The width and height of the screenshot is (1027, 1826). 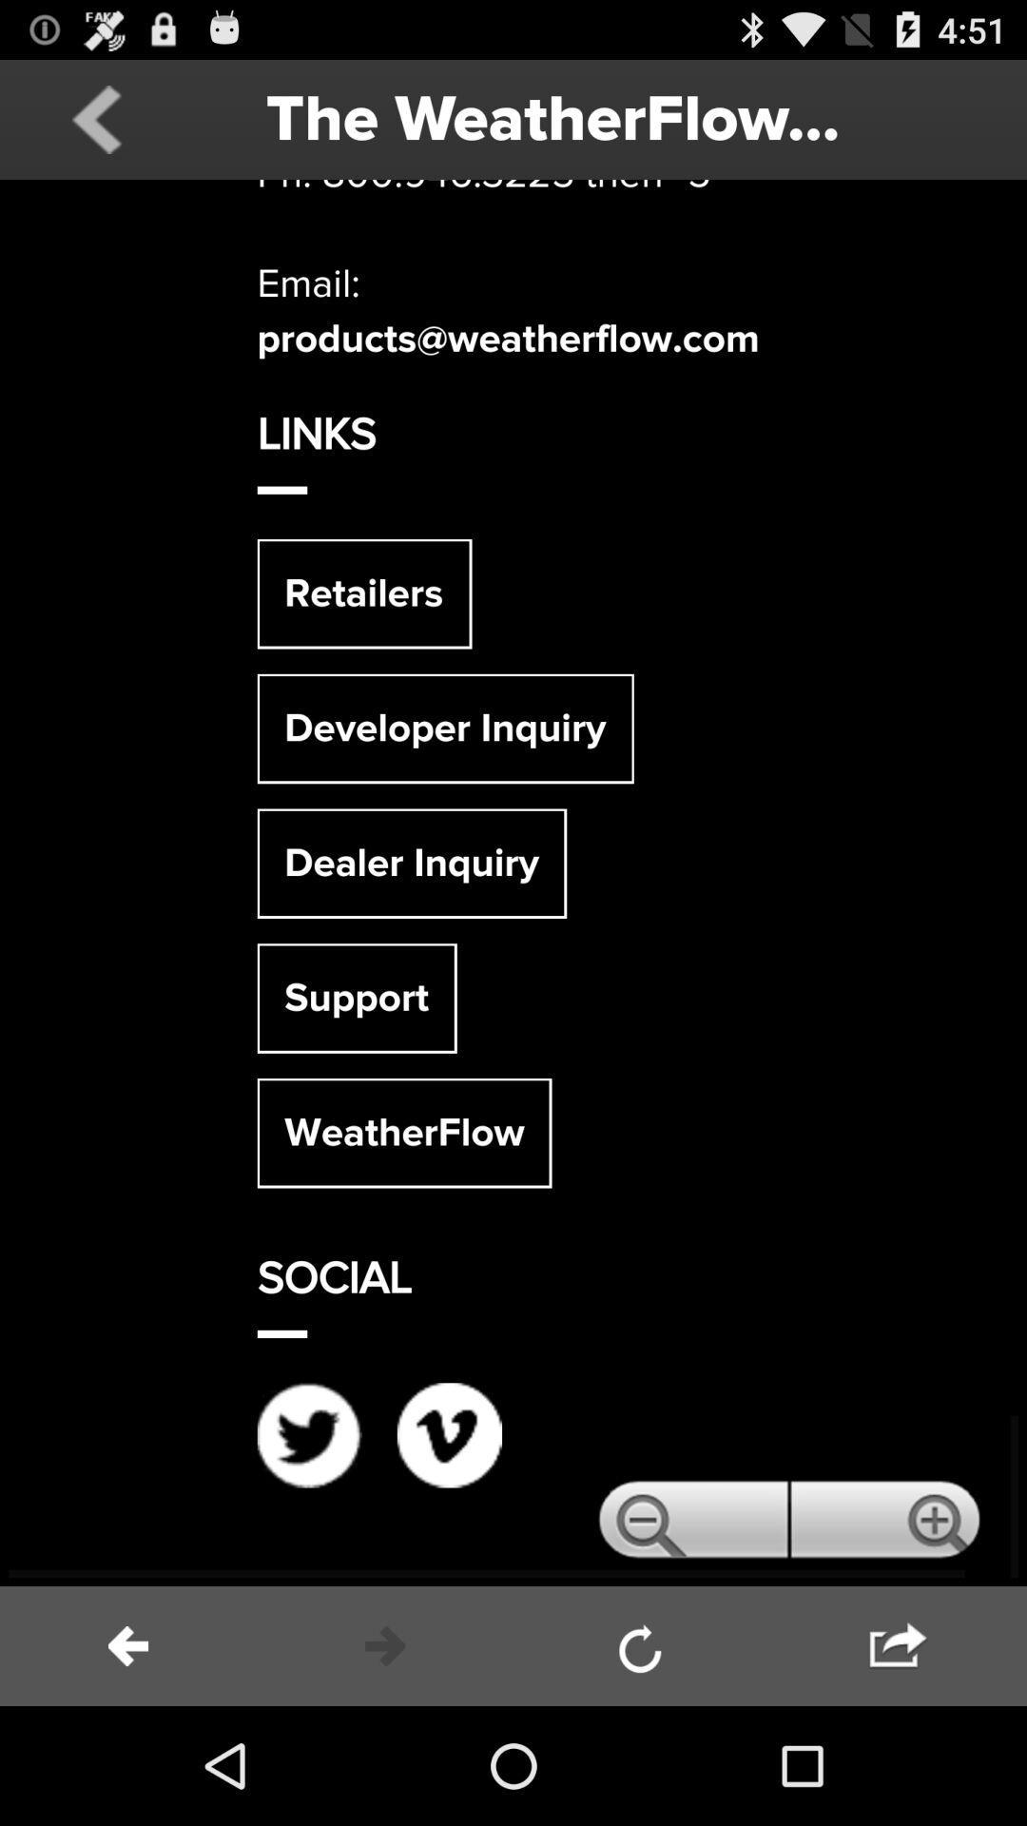 What do you see at coordinates (642, 1645) in the screenshot?
I see `refresh` at bounding box center [642, 1645].